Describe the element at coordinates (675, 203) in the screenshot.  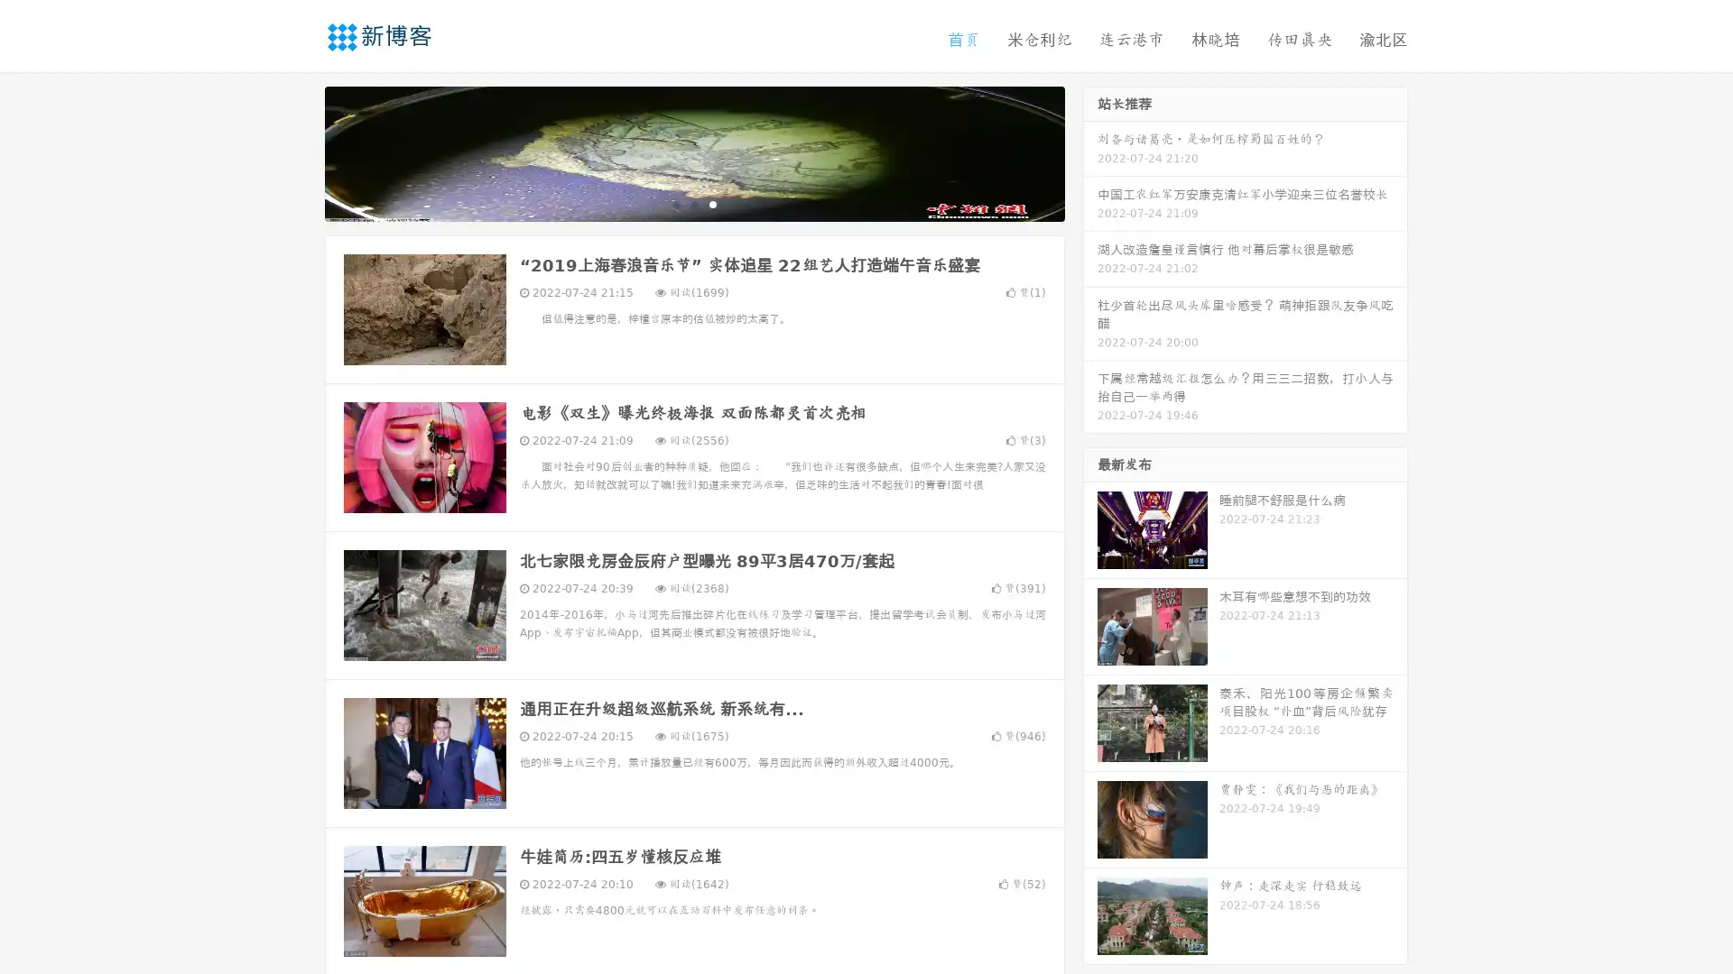
I see `Go to slide 1` at that location.